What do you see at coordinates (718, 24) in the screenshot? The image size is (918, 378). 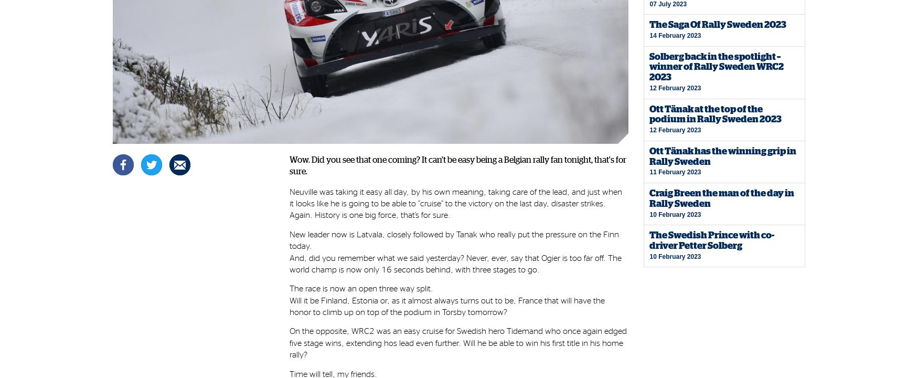 I see `'The Saga Of Rally Sweden 2023'` at bounding box center [718, 24].